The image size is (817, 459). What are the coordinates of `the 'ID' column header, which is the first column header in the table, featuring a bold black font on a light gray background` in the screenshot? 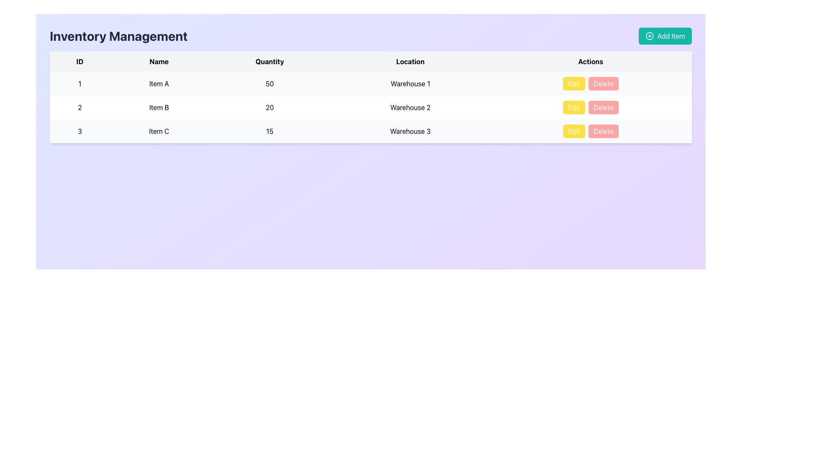 It's located at (80, 61).